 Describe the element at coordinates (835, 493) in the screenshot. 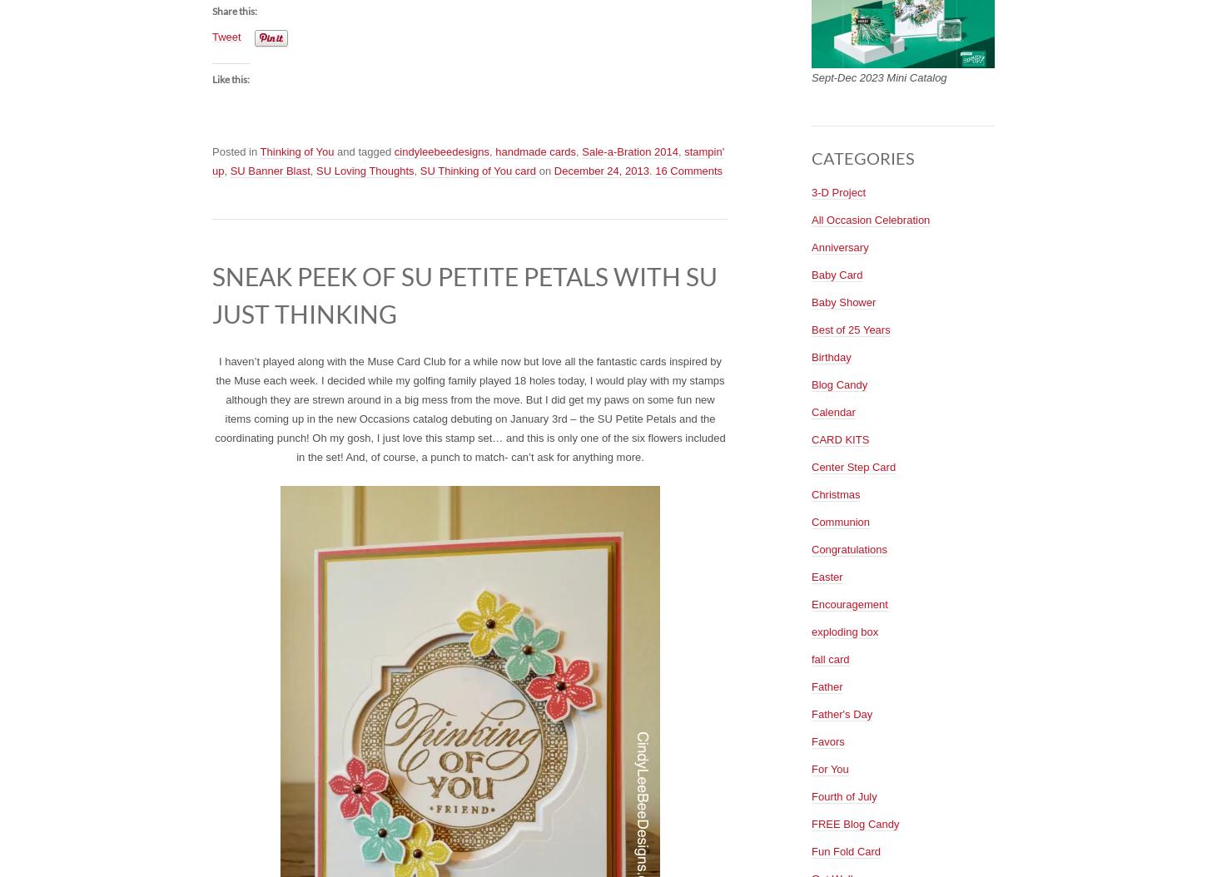

I see `'Christmas'` at that location.